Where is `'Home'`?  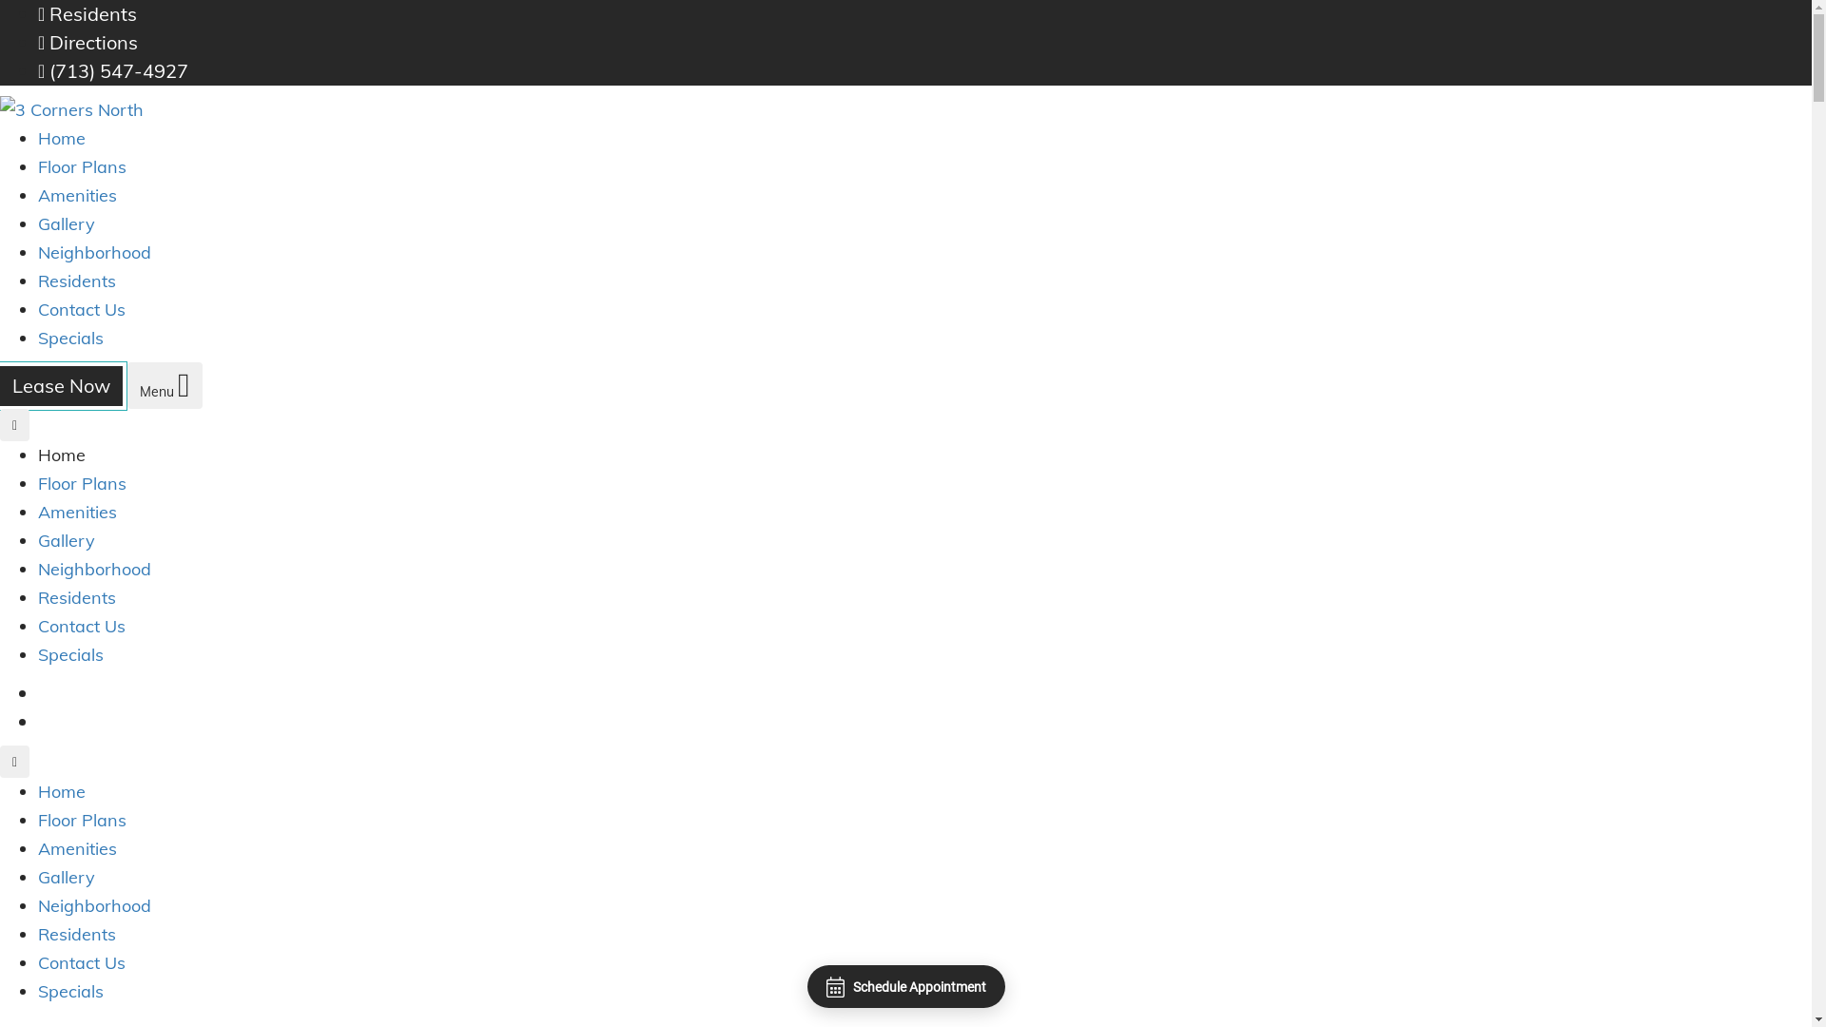
'Home' is located at coordinates (37, 791).